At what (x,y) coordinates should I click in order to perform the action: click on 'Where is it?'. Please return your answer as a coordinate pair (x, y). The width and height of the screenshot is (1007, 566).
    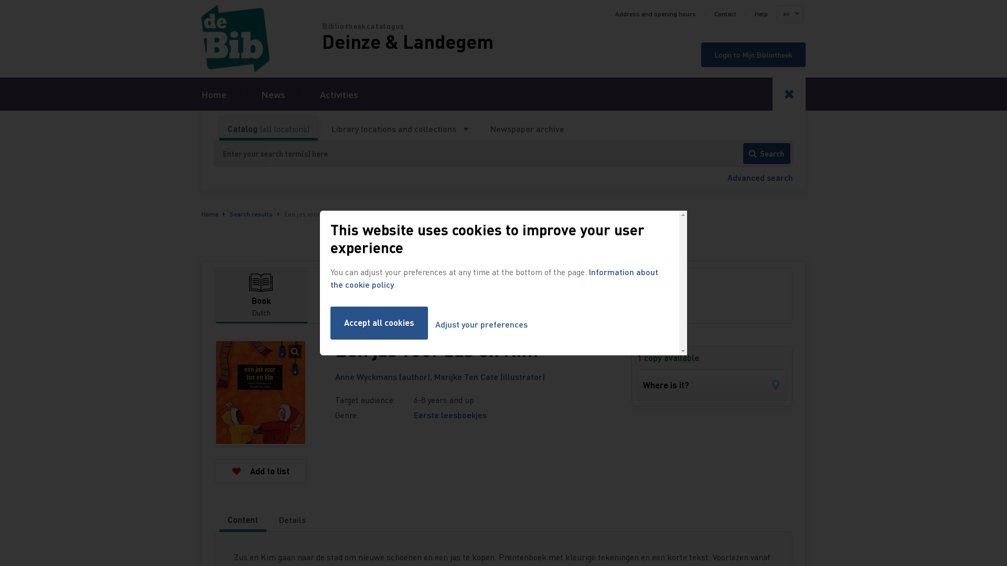
    Looking at the image, I should click on (636, 385).